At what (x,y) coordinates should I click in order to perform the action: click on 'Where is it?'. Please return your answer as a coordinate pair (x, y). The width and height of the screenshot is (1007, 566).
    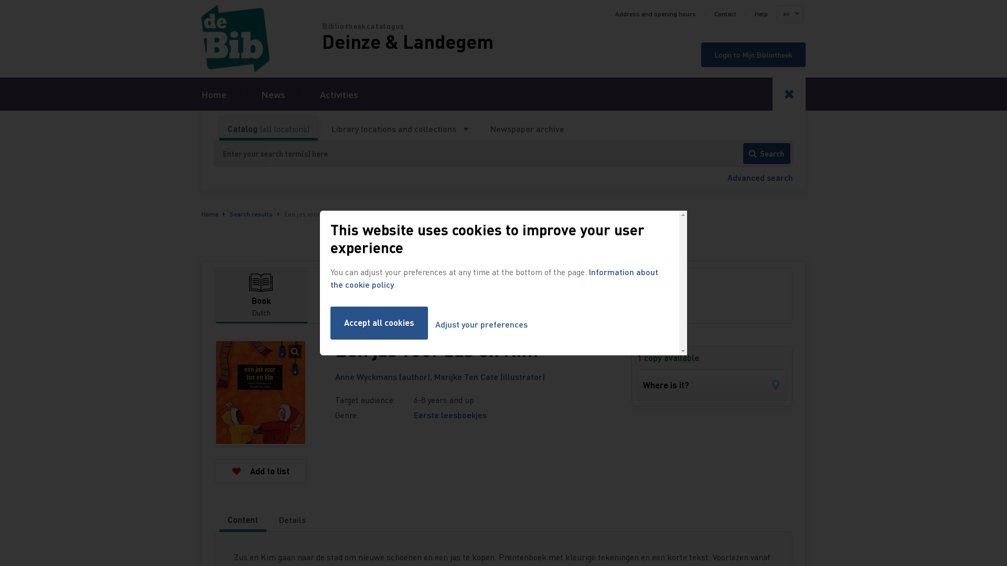
    Looking at the image, I should click on (636, 385).